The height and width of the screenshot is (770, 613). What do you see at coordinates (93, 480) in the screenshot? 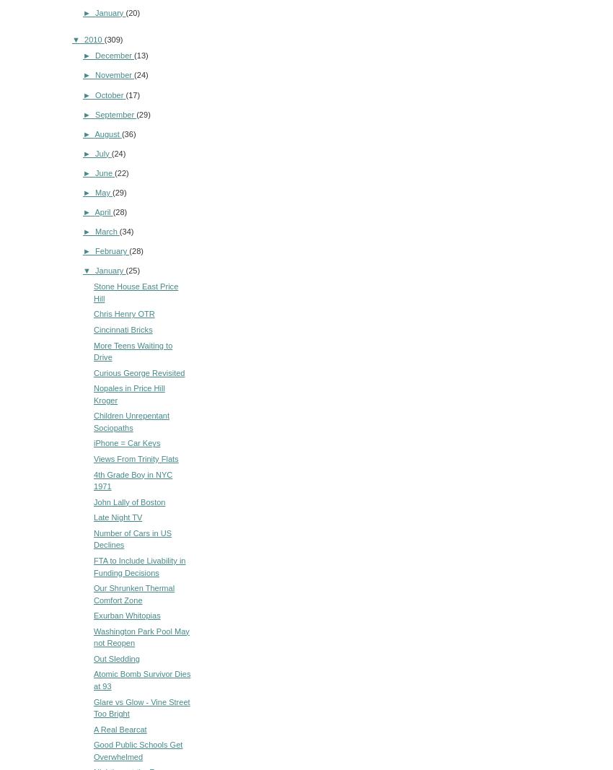
I see `'4th Grade Boy in NYC 1971'` at bounding box center [93, 480].